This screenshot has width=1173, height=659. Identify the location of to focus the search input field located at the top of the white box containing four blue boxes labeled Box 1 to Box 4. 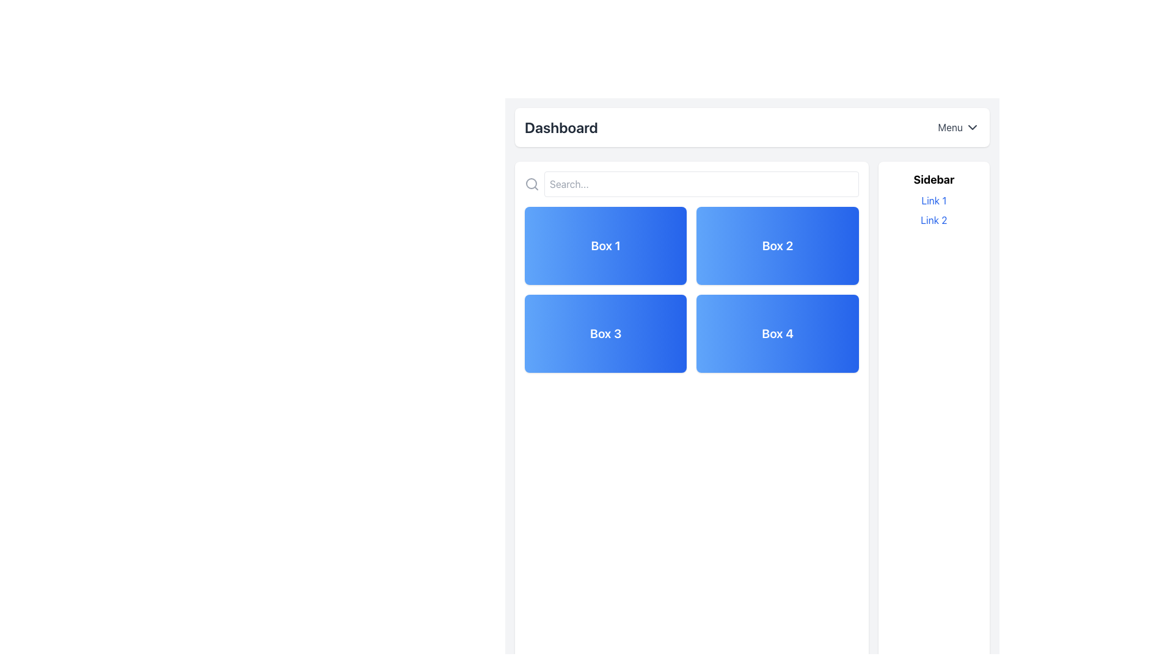
(692, 184).